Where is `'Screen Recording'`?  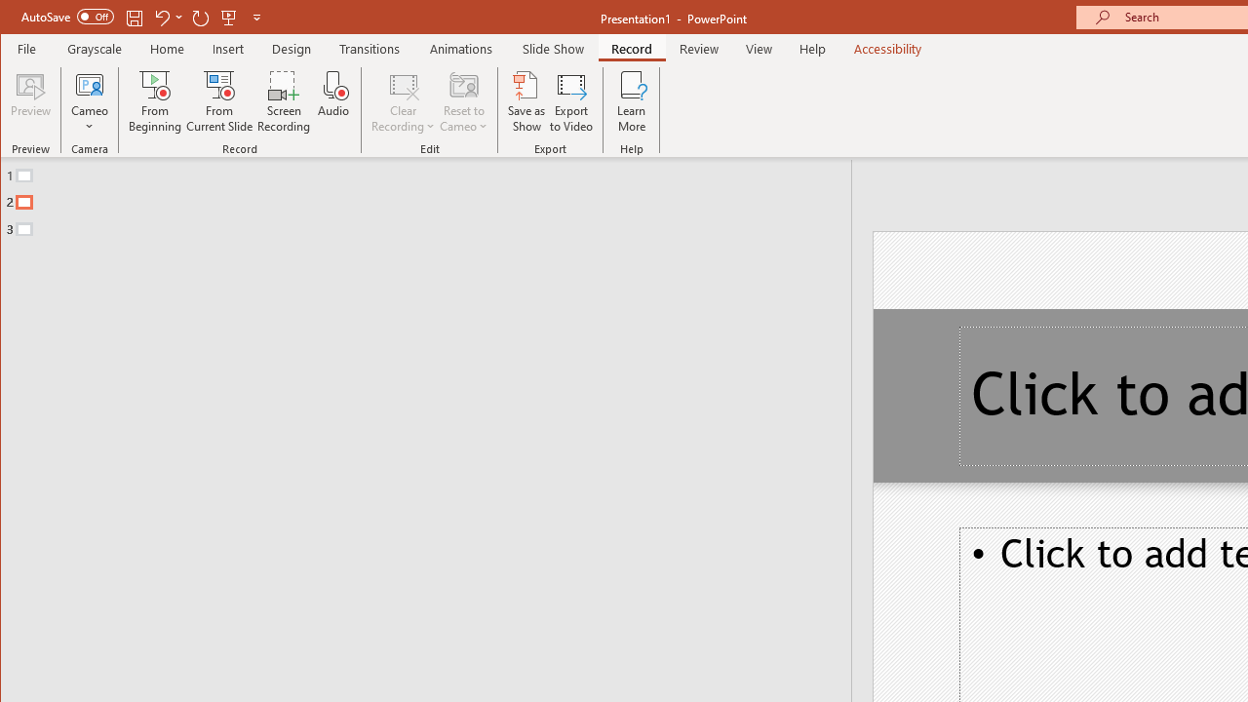 'Screen Recording' is located at coordinates (283, 101).